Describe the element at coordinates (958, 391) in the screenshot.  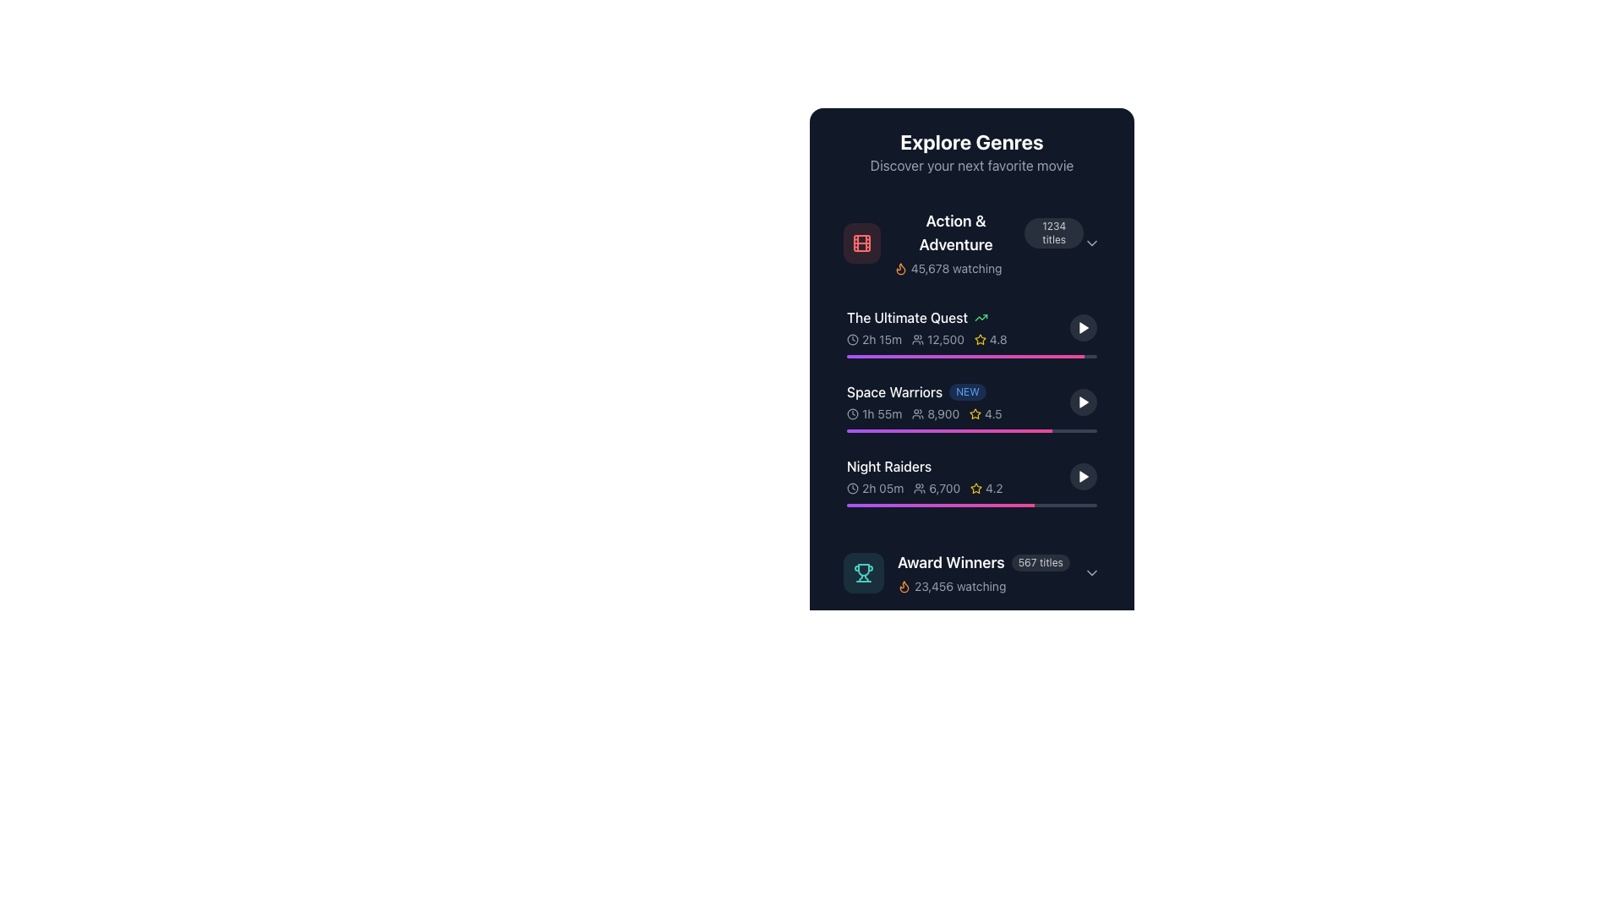
I see `the 'Space Warriors' movie title text label that includes a 'NEW' badge, located in the 'Explore Genres' section under 'Action & Adventure', positioned in the second row between 'The Ultimate Quest' and 'Night Raiders'` at that location.